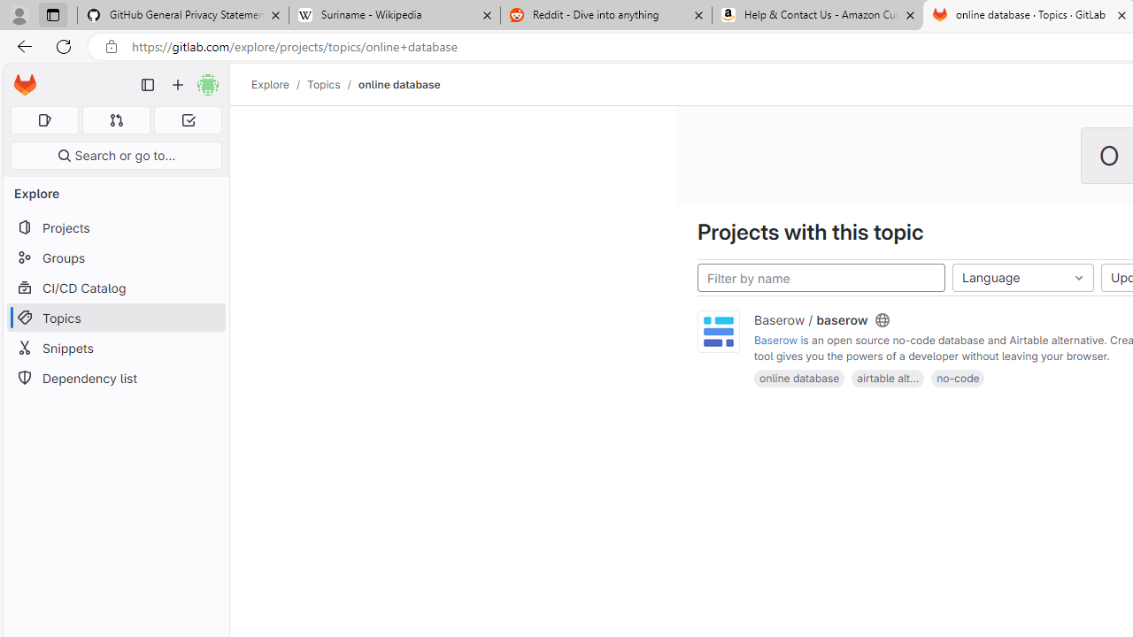  I want to click on 'Topics/', so click(332, 84).